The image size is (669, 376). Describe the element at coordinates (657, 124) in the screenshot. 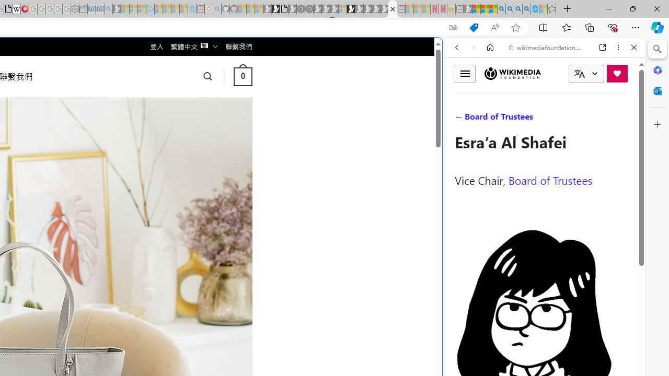

I see `'Close Customize pane'` at that location.